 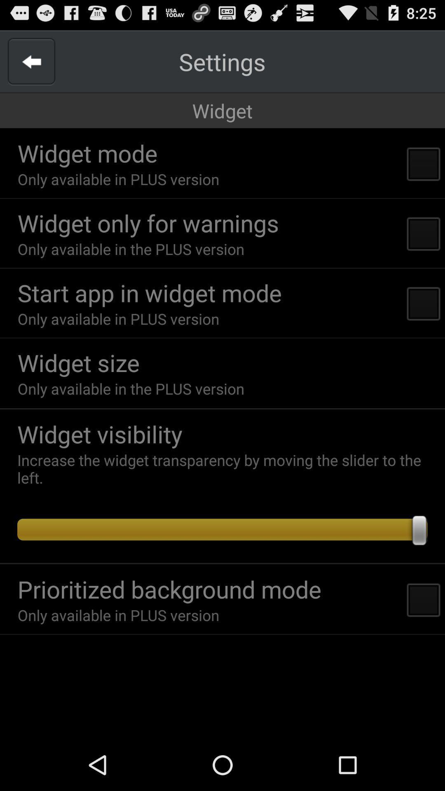 What do you see at coordinates (150, 293) in the screenshot?
I see `start app in app` at bounding box center [150, 293].